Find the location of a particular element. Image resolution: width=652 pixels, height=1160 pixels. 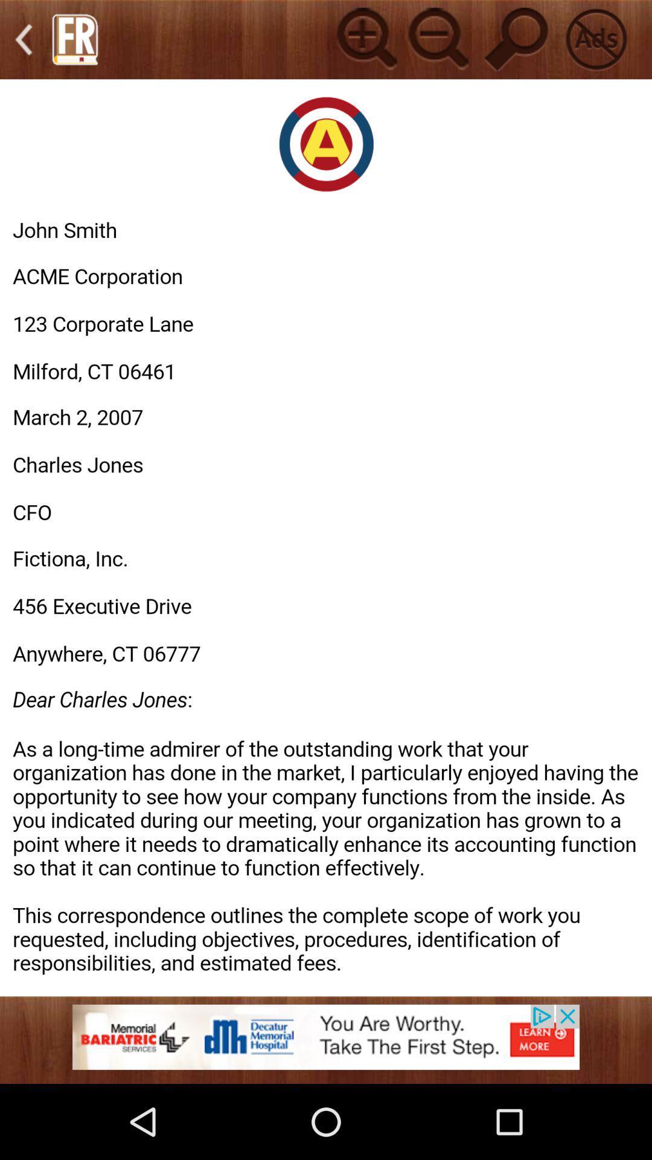

the book icon is located at coordinates (75, 42).